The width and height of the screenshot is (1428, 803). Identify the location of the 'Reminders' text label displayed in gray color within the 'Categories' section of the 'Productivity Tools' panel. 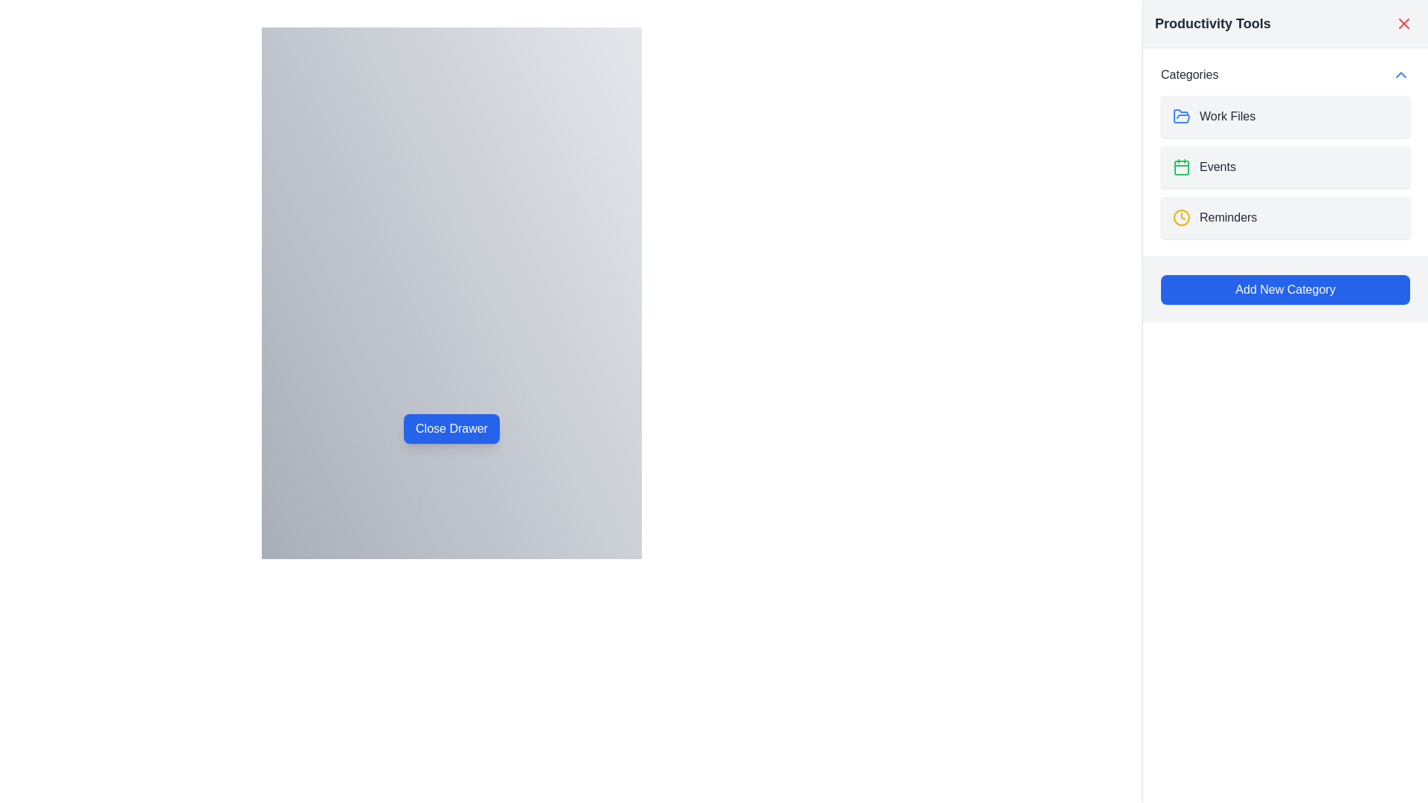
(1228, 218).